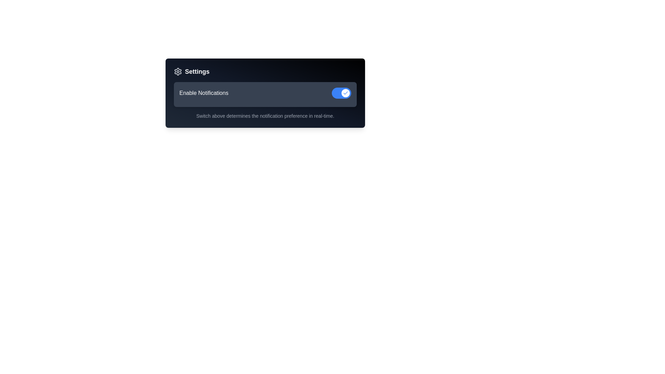 The height and width of the screenshot is (374, 665). Describe the element at coordinates (341, 93) in the screenshot. I see `the toggle switch located in the right section of the 'Enable Notifications' row` at that location.